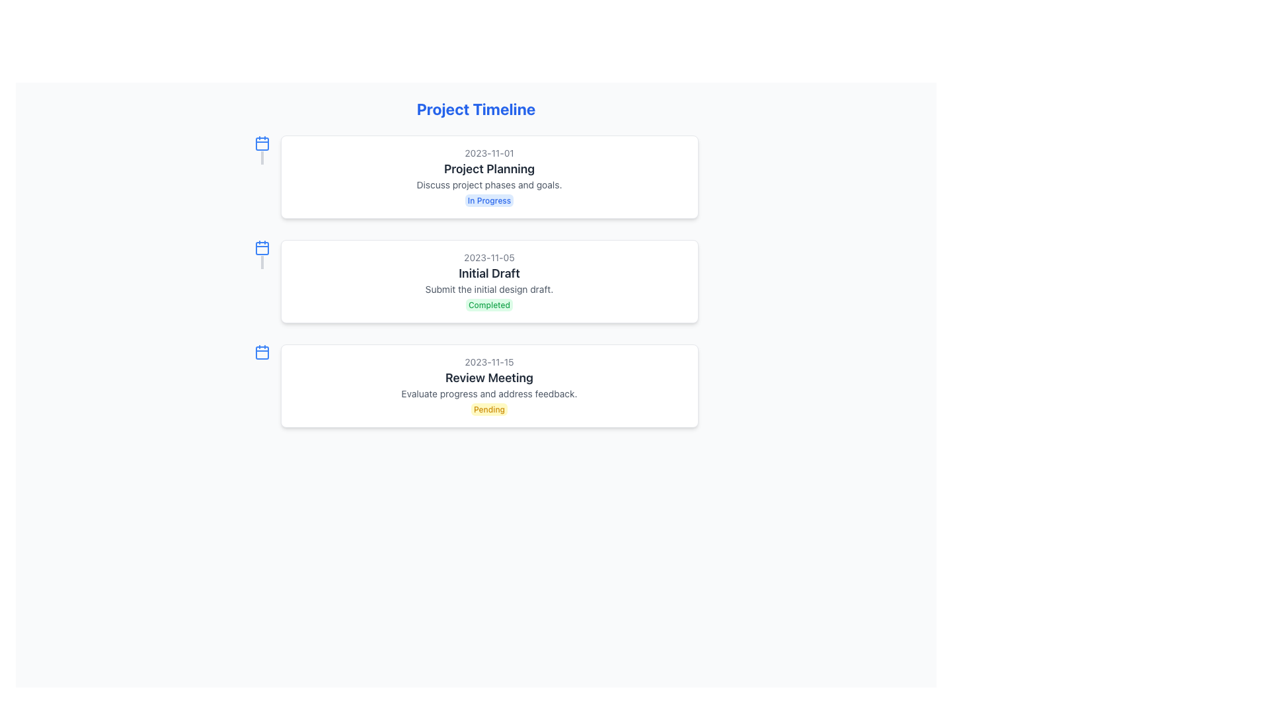 This screenshot has width=1269, height=714. I want to click on the second calendar icon in the Project Timeline, which is outlined in blue and has a rectangular design with binding at the top, so click(262, 247).